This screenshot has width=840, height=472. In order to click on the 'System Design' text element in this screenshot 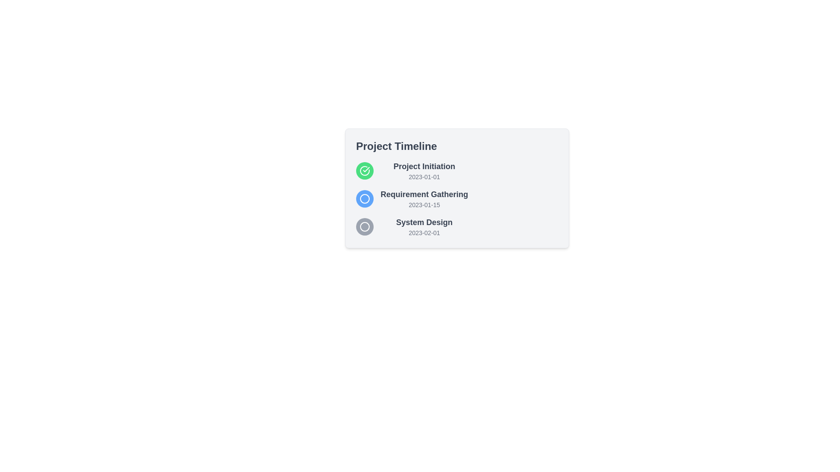, I will do `click(424, 226)`.